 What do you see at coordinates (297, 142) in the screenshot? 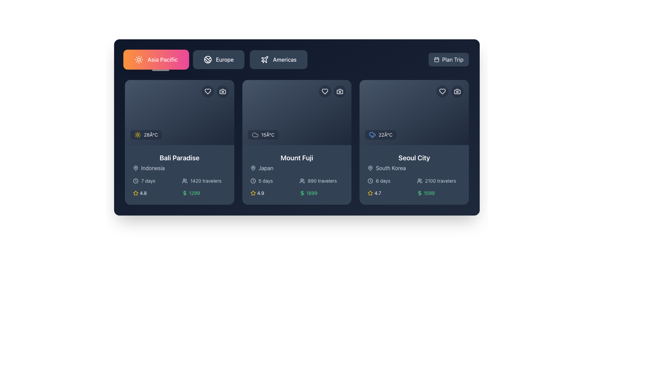
I see `the second card in the grid layout showcasing 'Mount Fuji'` at bounding box center [297, 142].